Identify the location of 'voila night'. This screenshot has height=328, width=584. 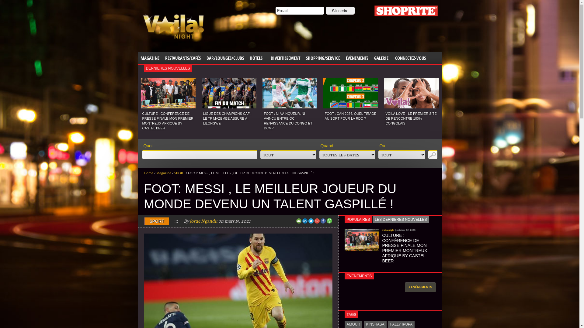
(388, 230).